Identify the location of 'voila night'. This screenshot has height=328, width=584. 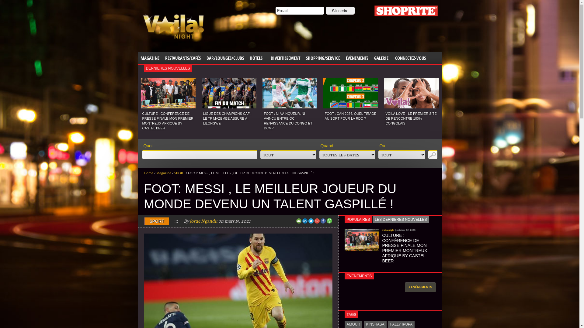
(388, 230).